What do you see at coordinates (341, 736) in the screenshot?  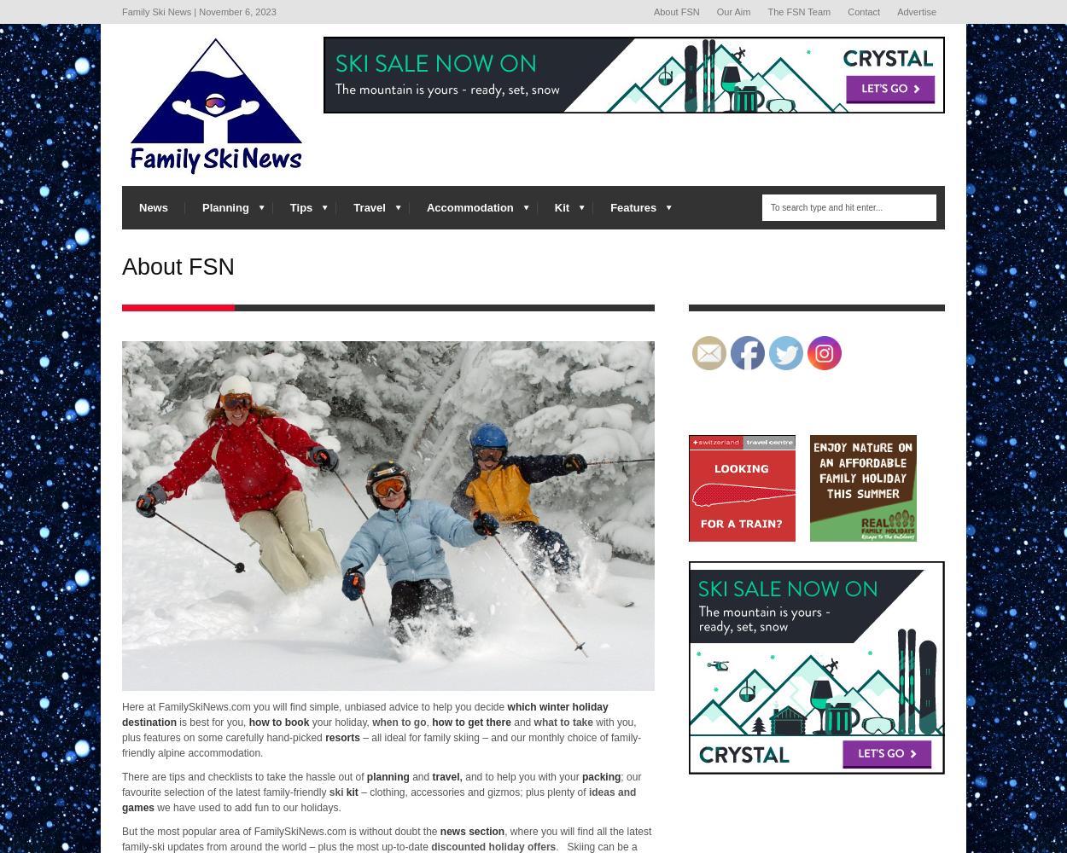 I see `'resorts'` at bounding box center [341, 736].